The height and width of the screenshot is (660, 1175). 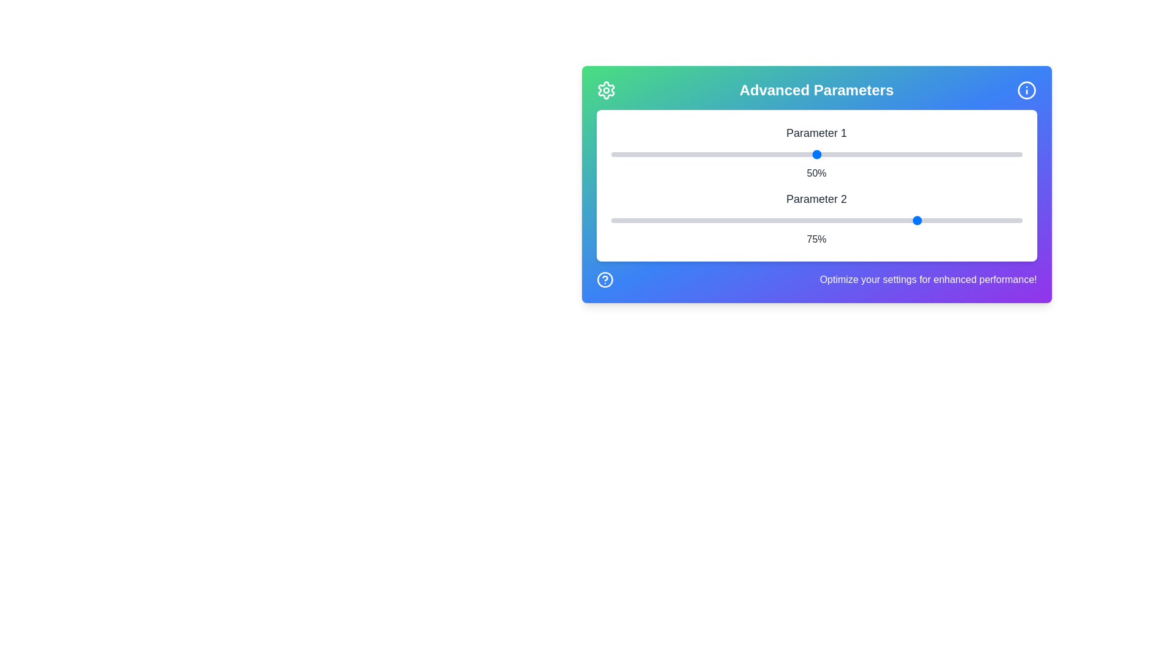 I want to click on the gradient background to inspect its visual design, so click(x=816, y=184).